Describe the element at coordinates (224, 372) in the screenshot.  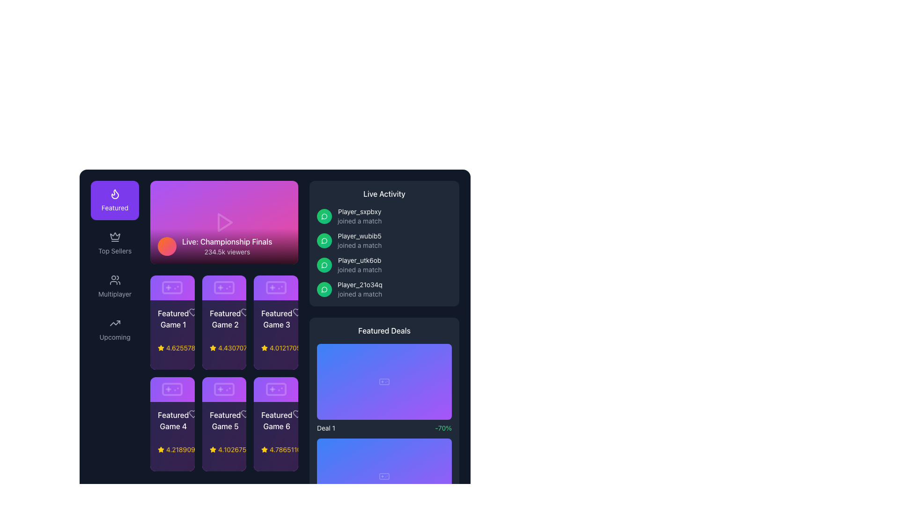
I see `the card displaying details about a specific featured game located in the second row, middle column of the grid layout` at that location.